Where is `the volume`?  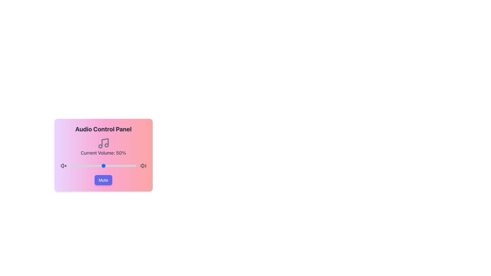 the volume is located at coordinates (89, 166).